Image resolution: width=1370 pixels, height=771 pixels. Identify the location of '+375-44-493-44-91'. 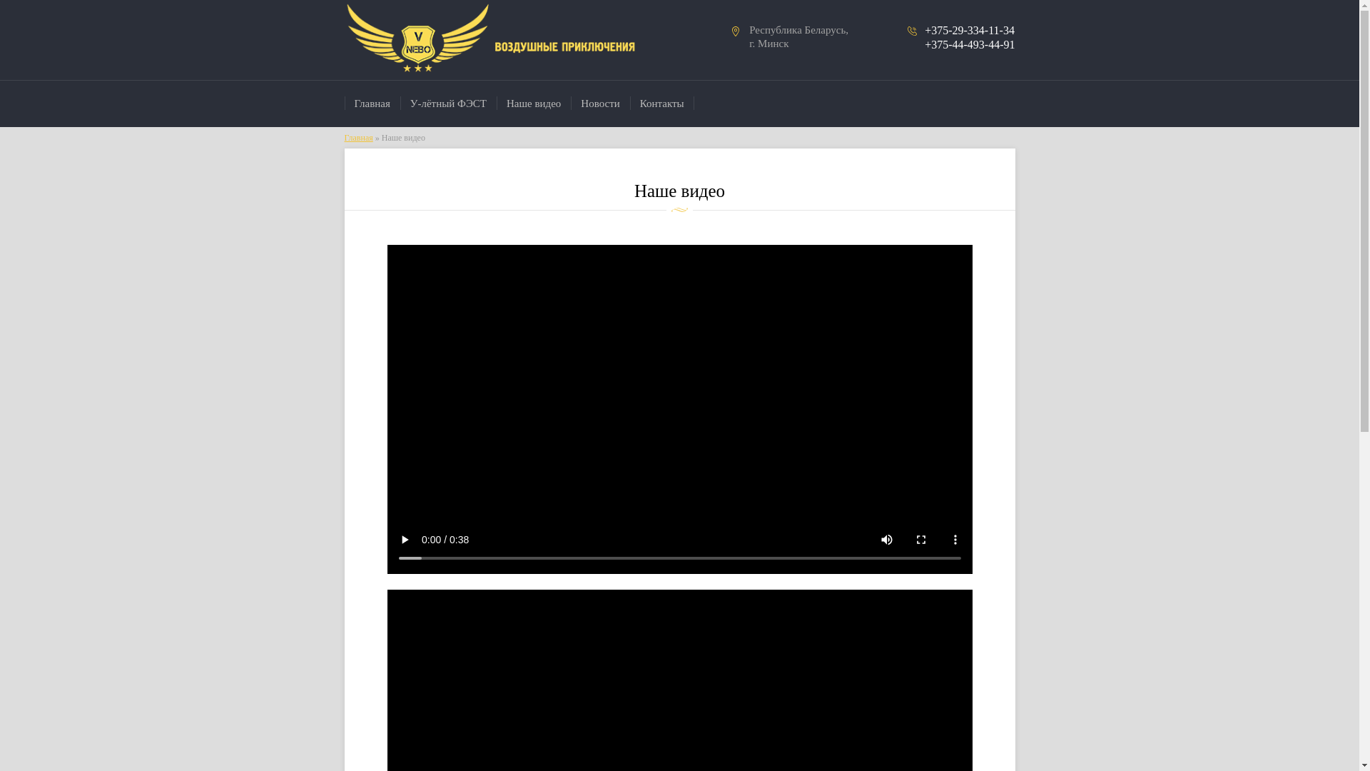
(969, 44).